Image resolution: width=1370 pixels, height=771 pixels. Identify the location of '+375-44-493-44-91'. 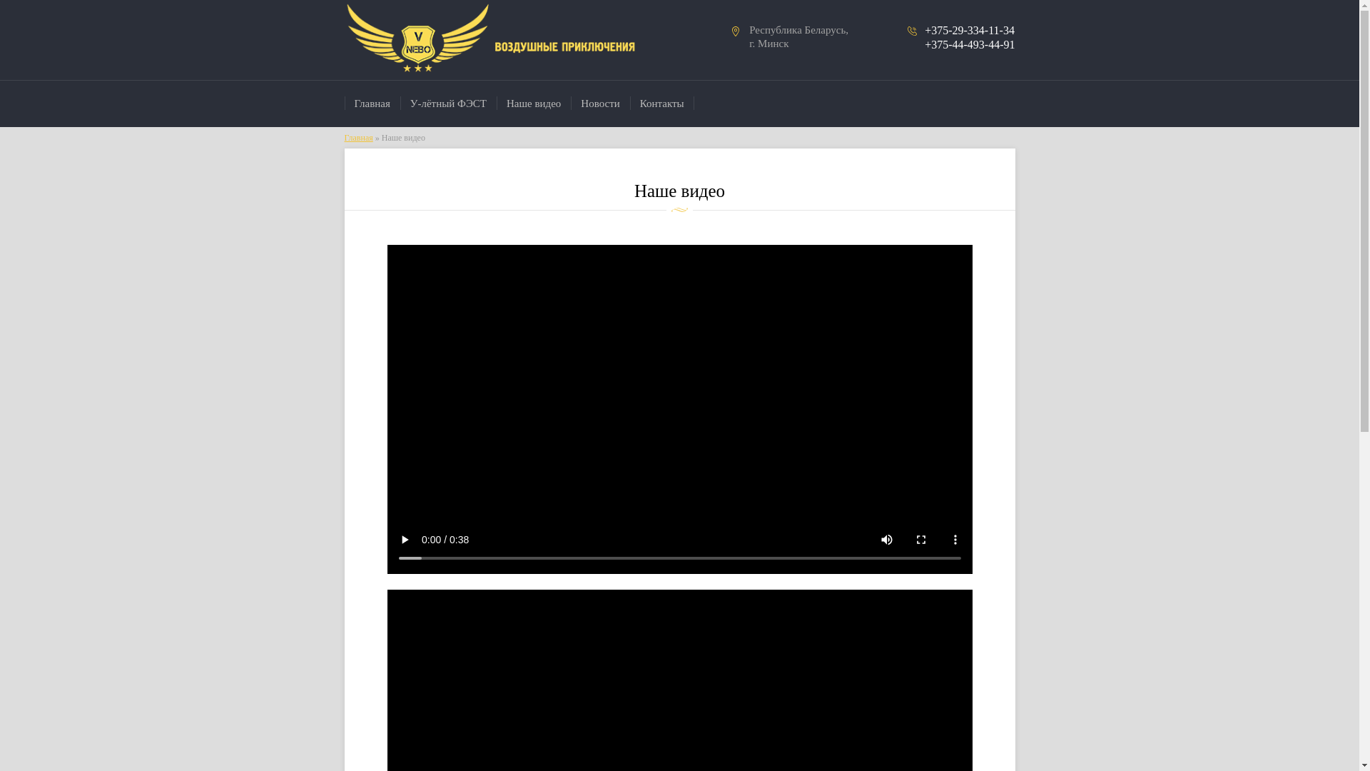
(969, 44).